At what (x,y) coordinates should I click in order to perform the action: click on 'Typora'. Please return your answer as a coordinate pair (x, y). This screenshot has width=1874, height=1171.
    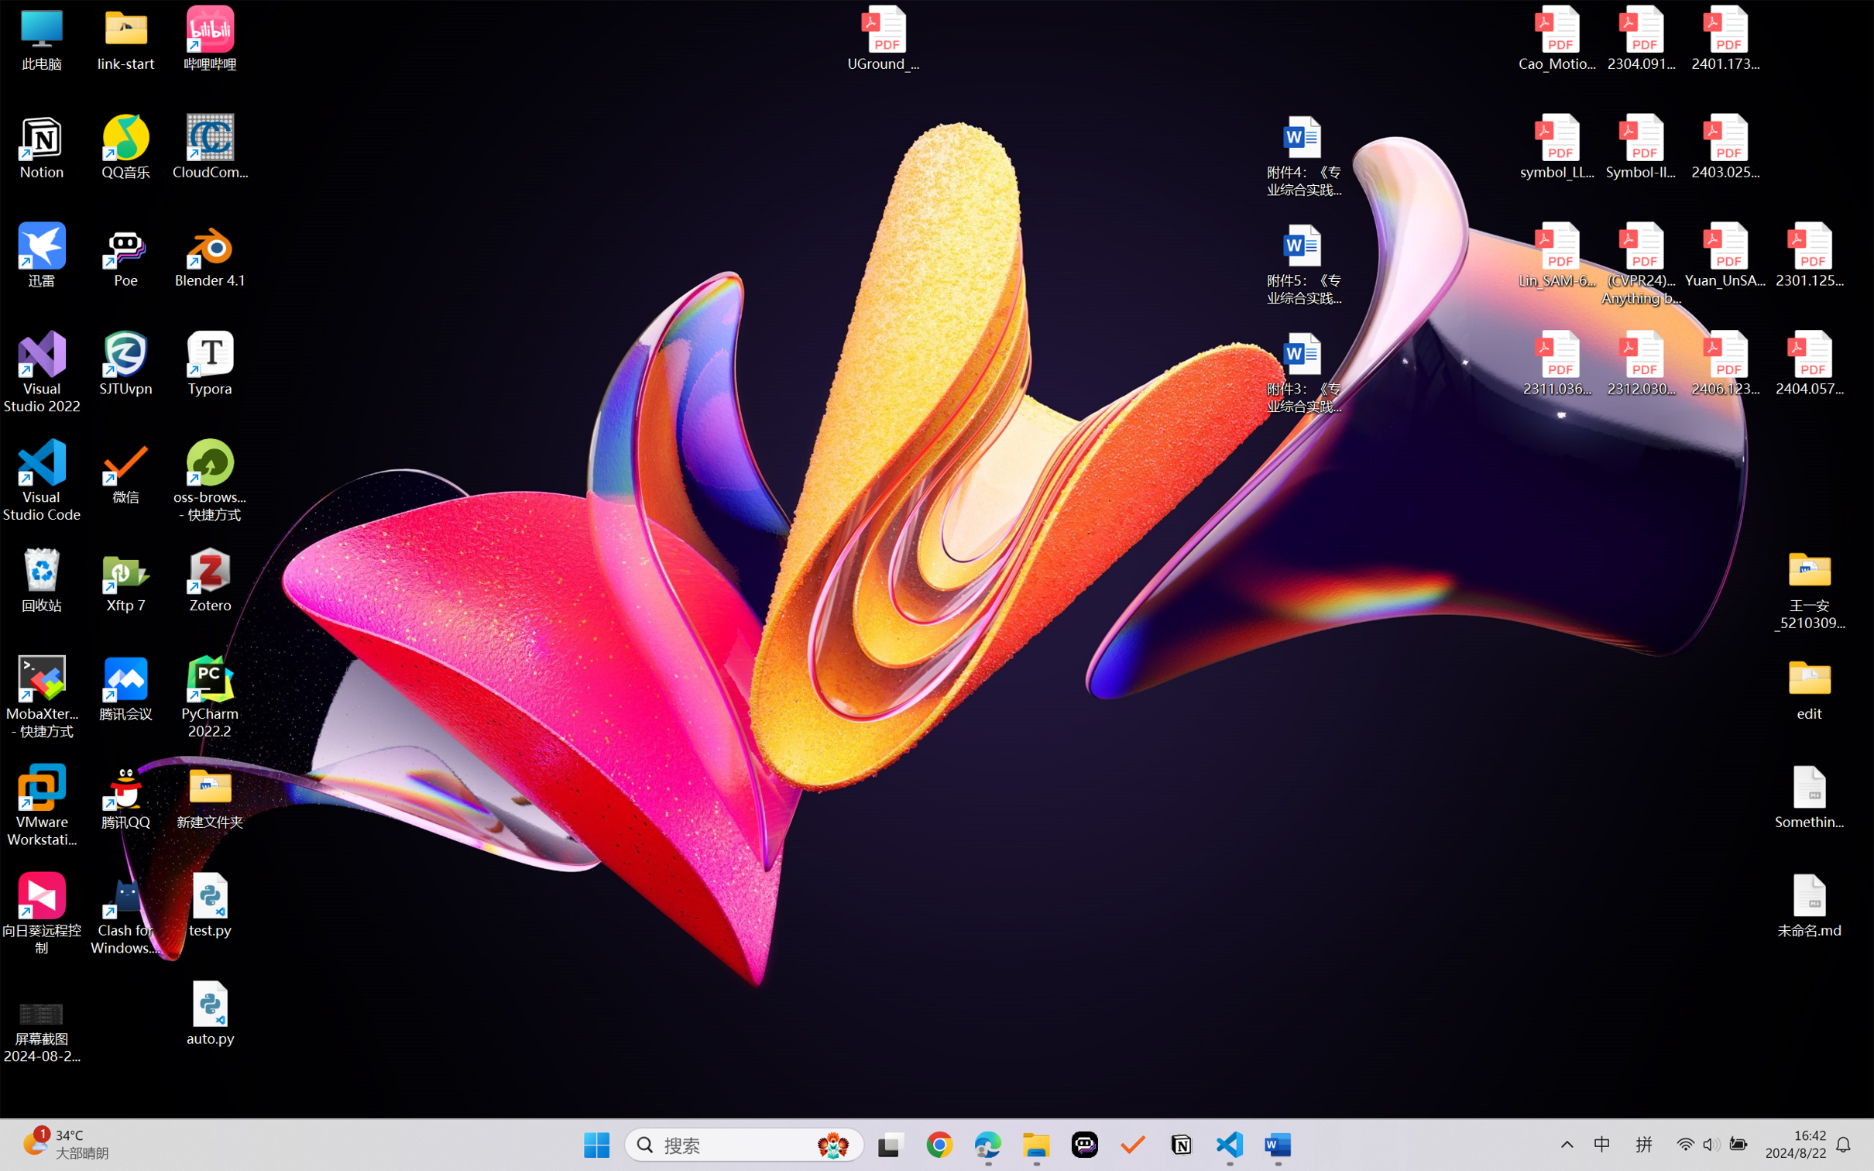
    Looking at the image, I should click on (210, 363).